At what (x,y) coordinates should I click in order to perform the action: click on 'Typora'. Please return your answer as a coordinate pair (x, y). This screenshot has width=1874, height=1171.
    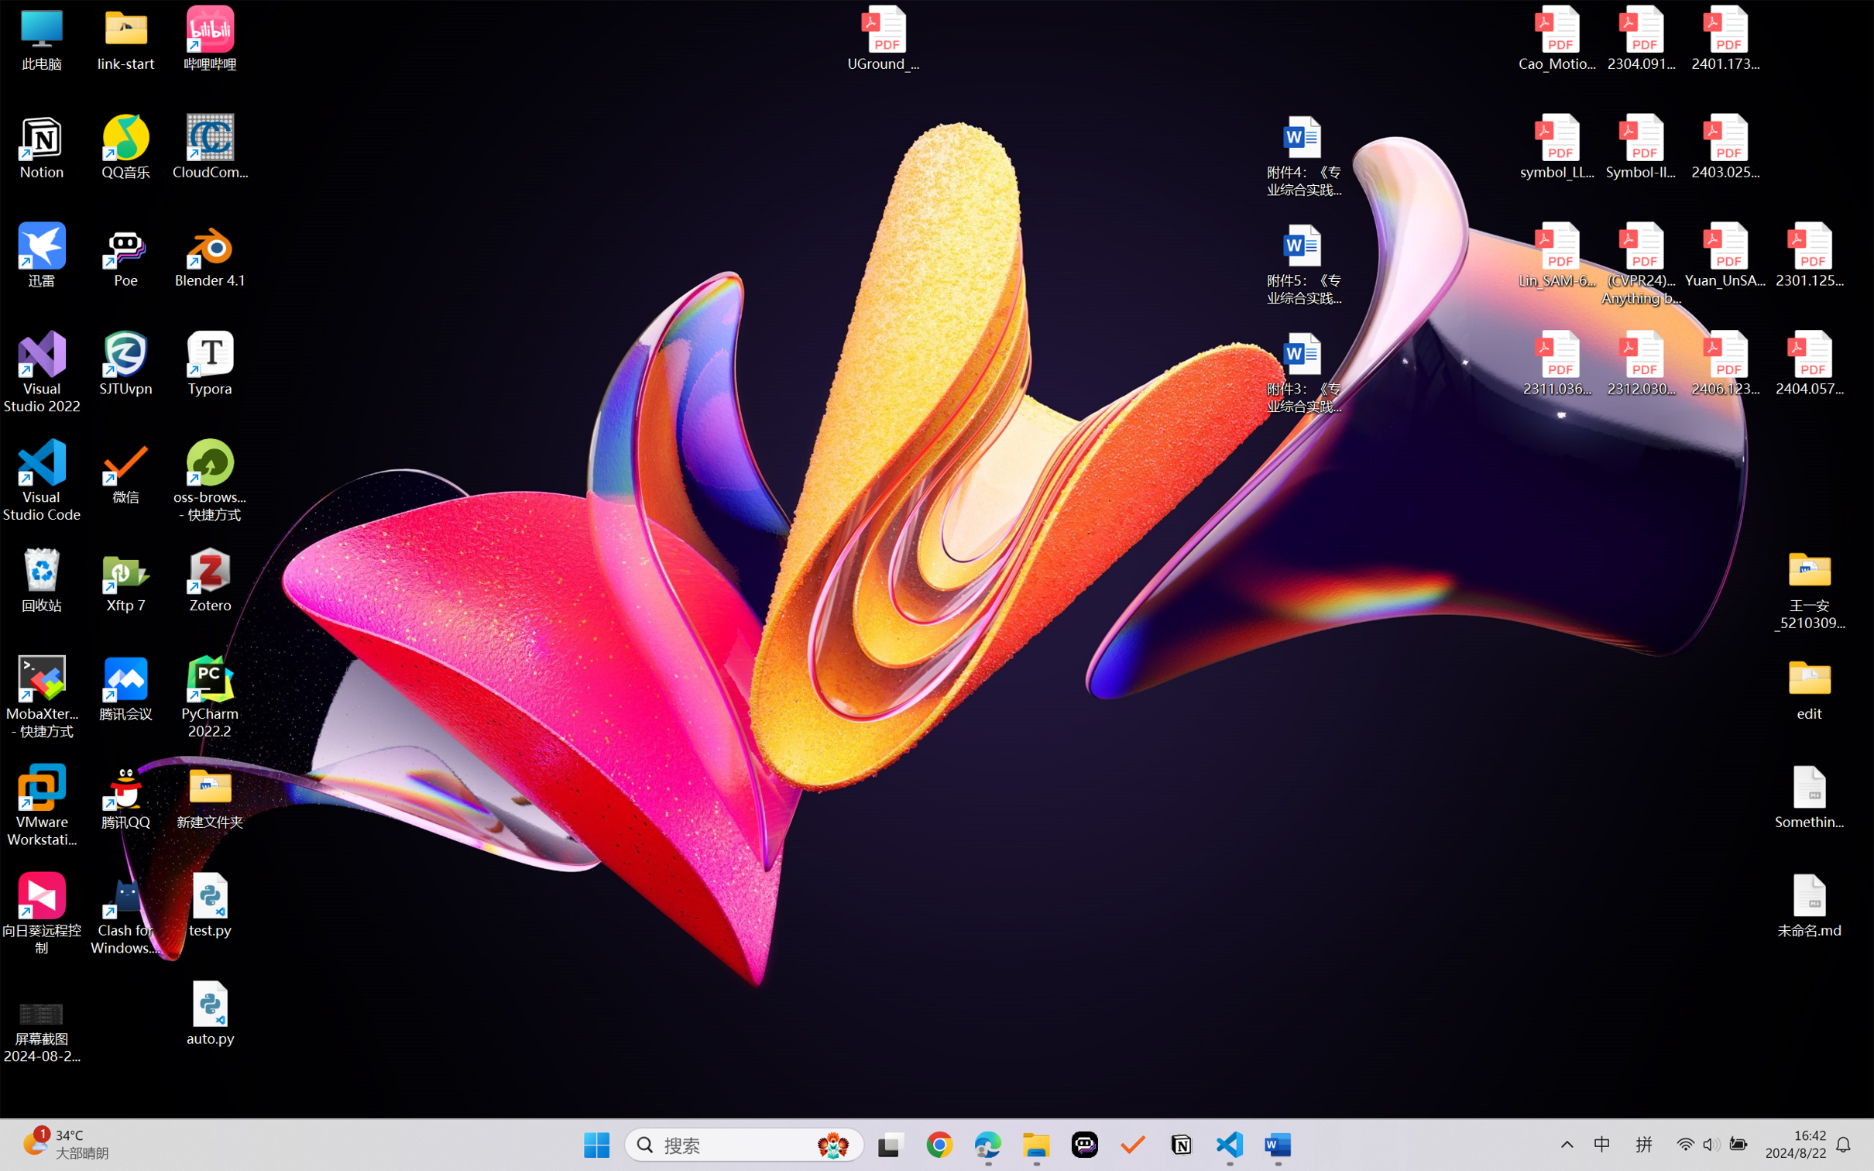
    Looking at the image, I should click on (210, 363).